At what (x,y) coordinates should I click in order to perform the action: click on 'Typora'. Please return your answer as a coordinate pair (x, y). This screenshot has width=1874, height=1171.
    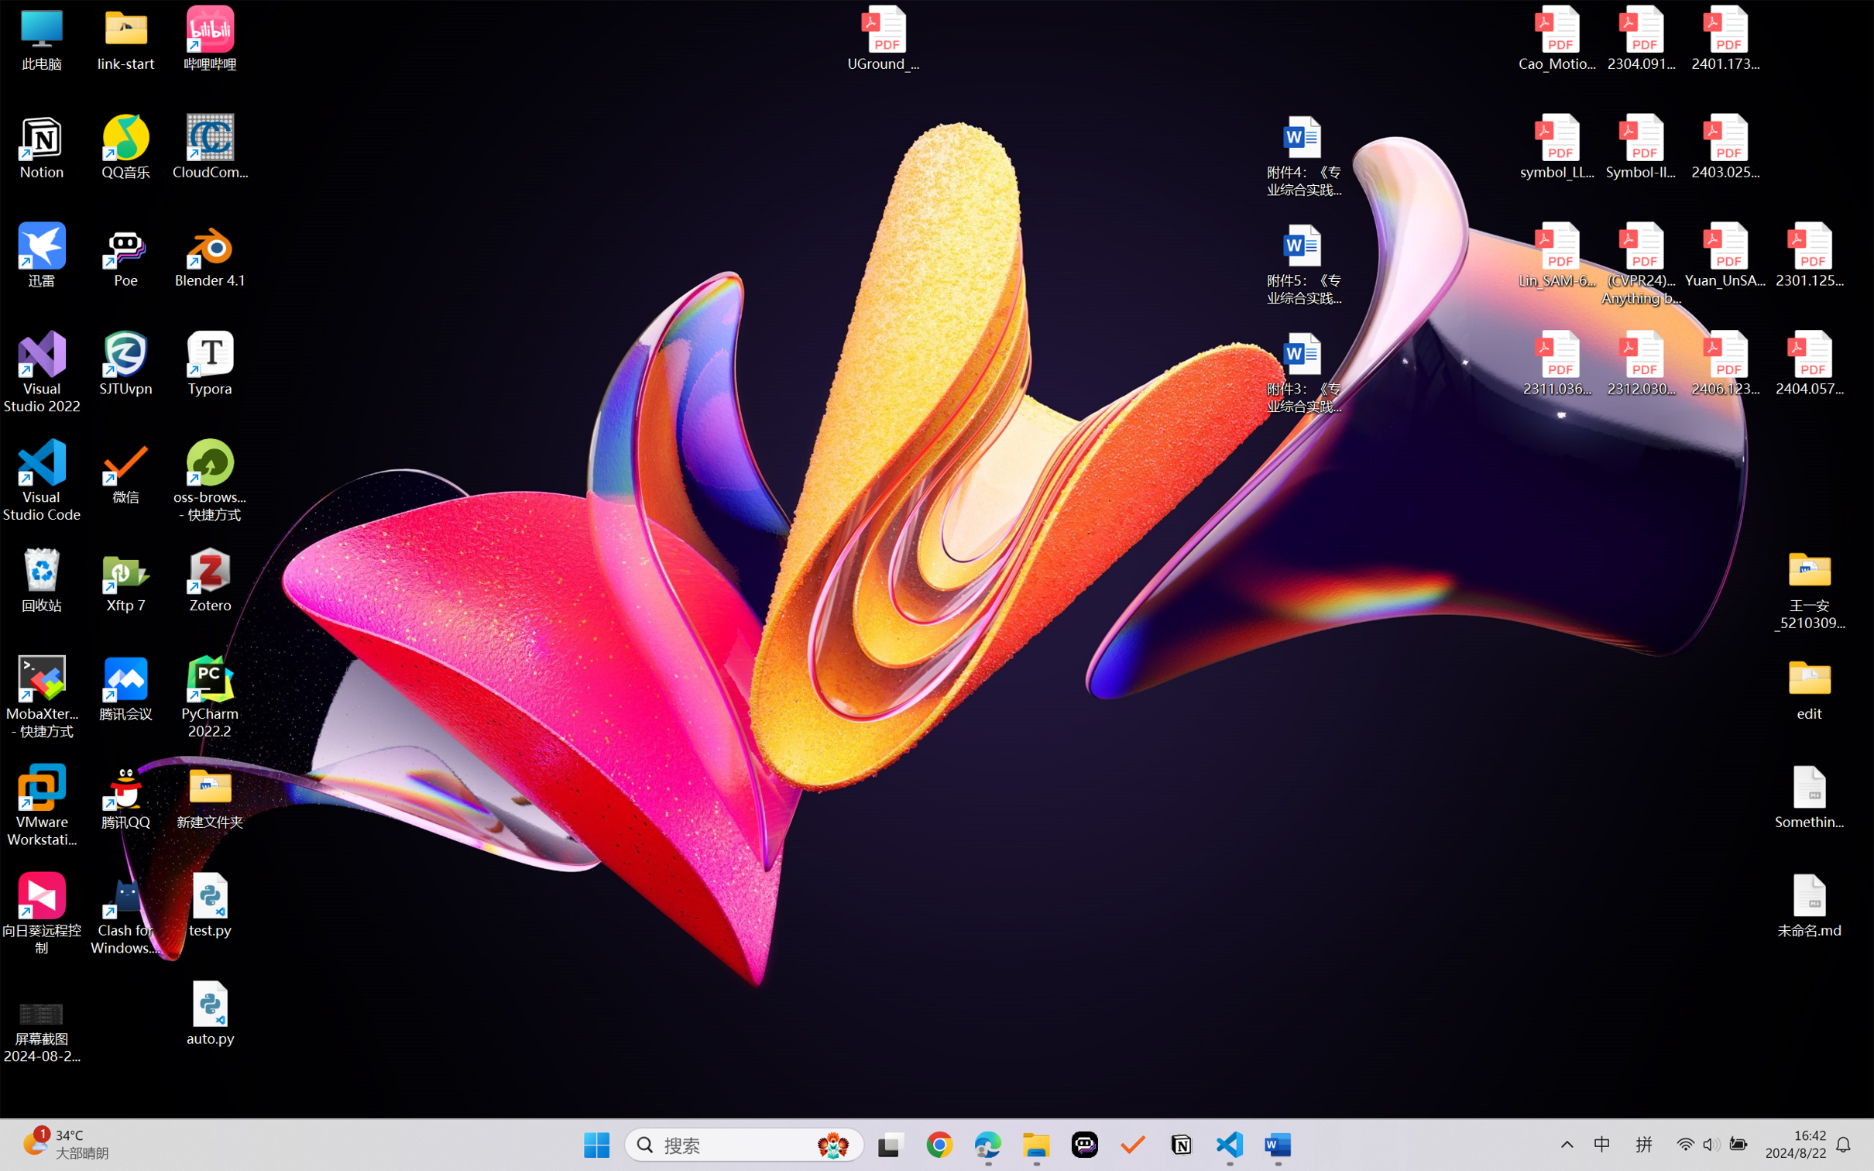
    Looking at the image, I should click on (210, 363).